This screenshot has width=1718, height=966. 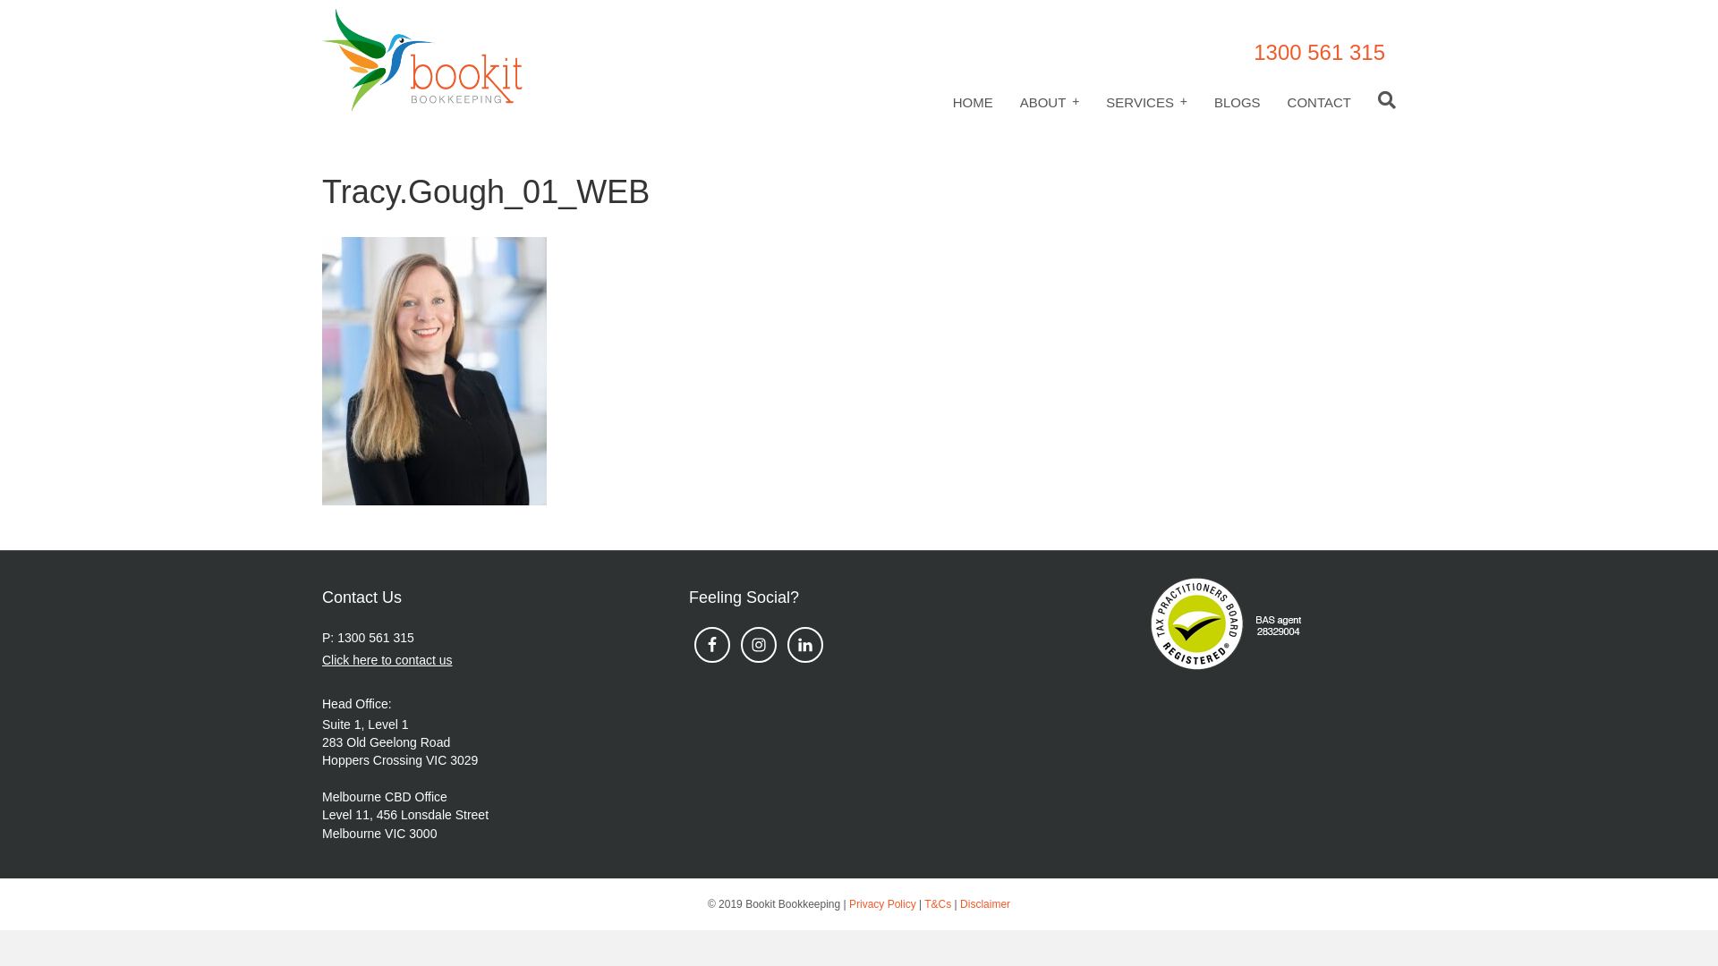 What do you see at coordinates (972, 102) in the screenshot?
I see `'HOME'` at bounding box center [972, 102].